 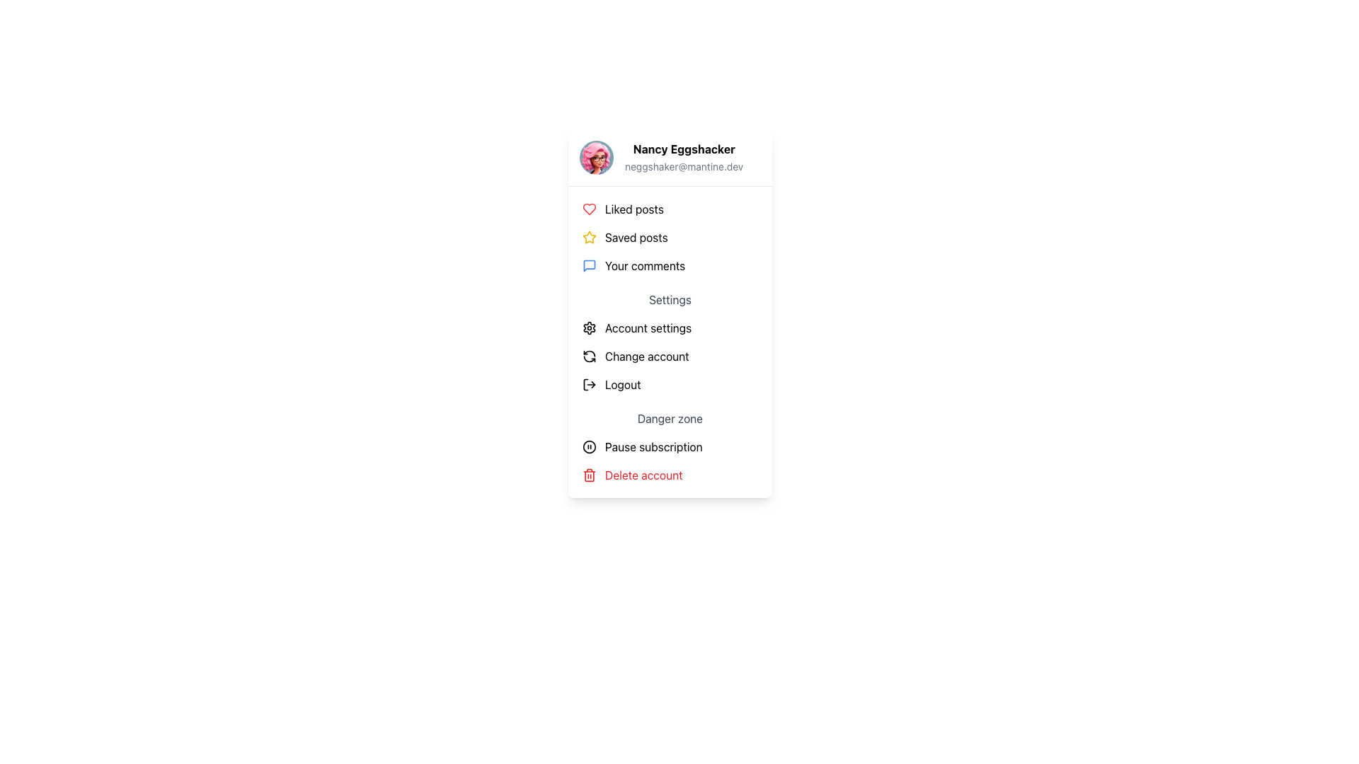 What do you see at coordinates (597, 158) in the screenshot?
I see `the user profile image (Avatar) representing Nancy Eggshacker, located on the left side above the user's name and email` at bounding box center [597, 158].